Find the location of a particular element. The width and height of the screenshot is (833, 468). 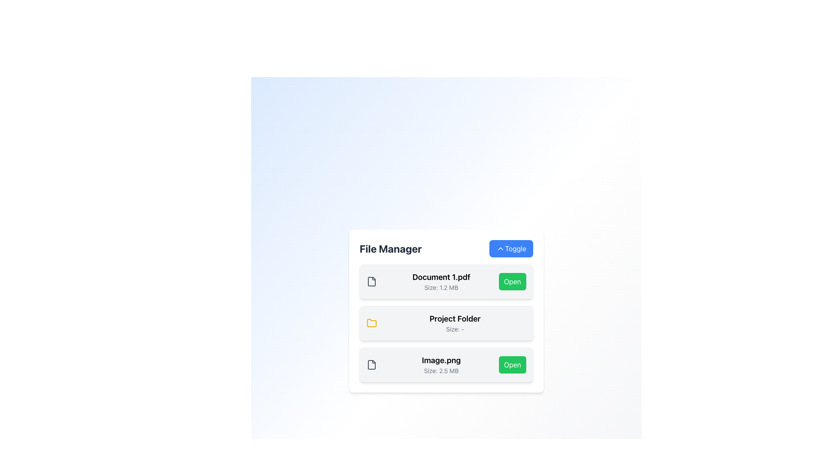

the Text Label that represents the folder name, located in the middle segment of the file list interface, positioned between the cards for 'Document 1.pdf' and 'Image.png' is located at coordinates (455, 319).